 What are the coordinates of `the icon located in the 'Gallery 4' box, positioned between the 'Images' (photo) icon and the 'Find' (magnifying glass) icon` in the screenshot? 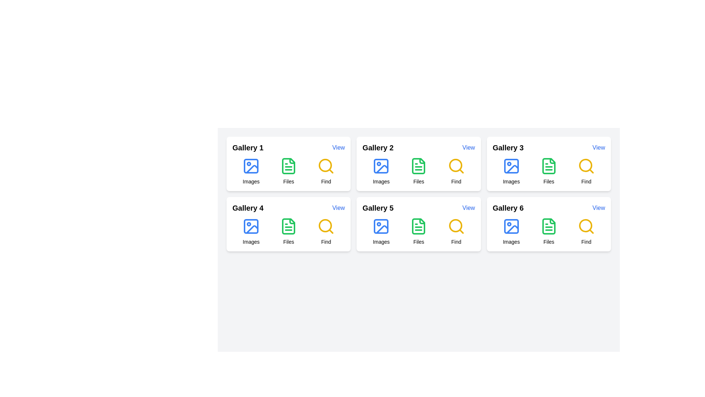 It's located at (288, 226).